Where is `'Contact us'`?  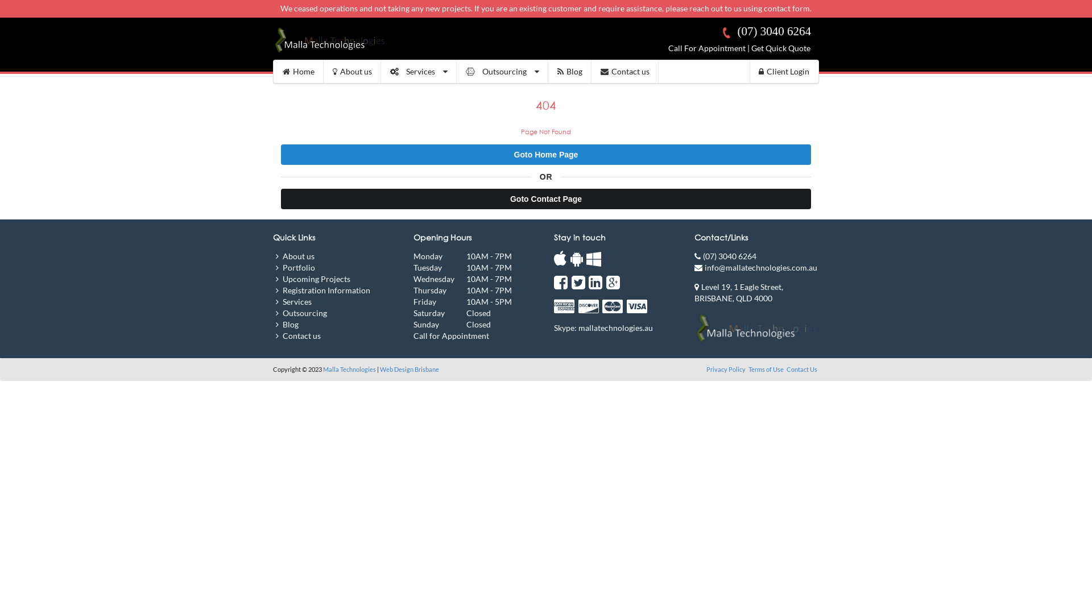 'Contact us' is located at coordinates (591, 72).